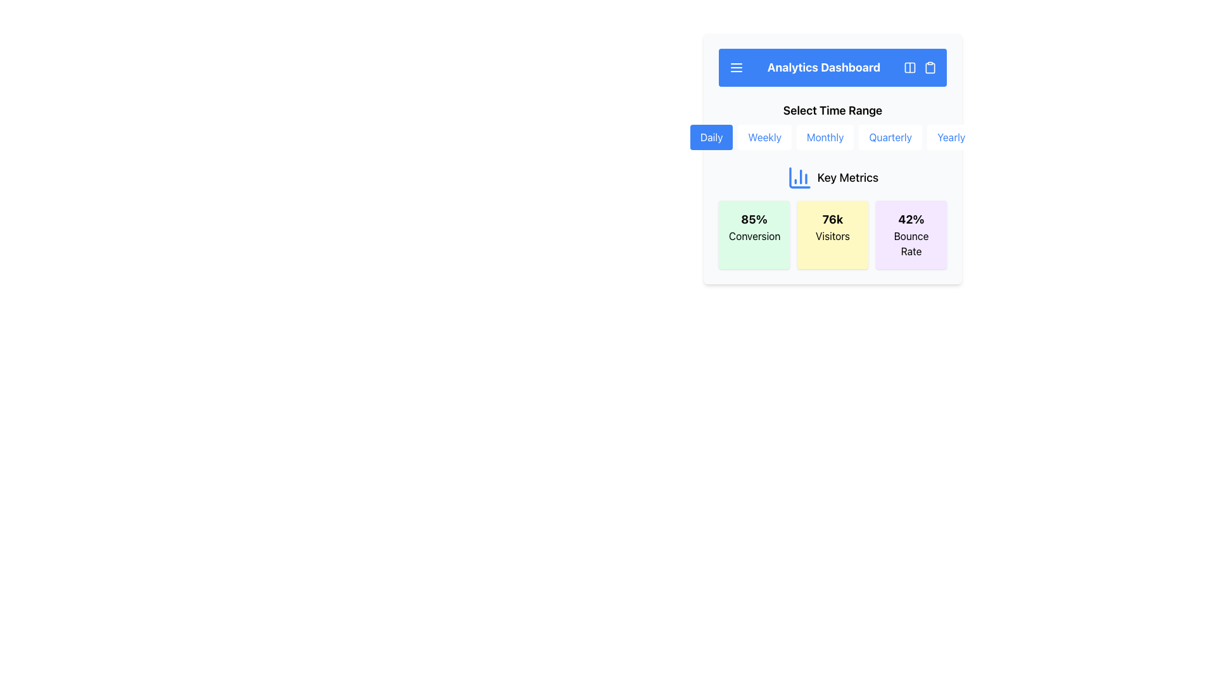 The image size is (1216, 684). I want to click on the bold text label displaying 'Analytics Dashboard' in the blue header bar, so click(823, 68).